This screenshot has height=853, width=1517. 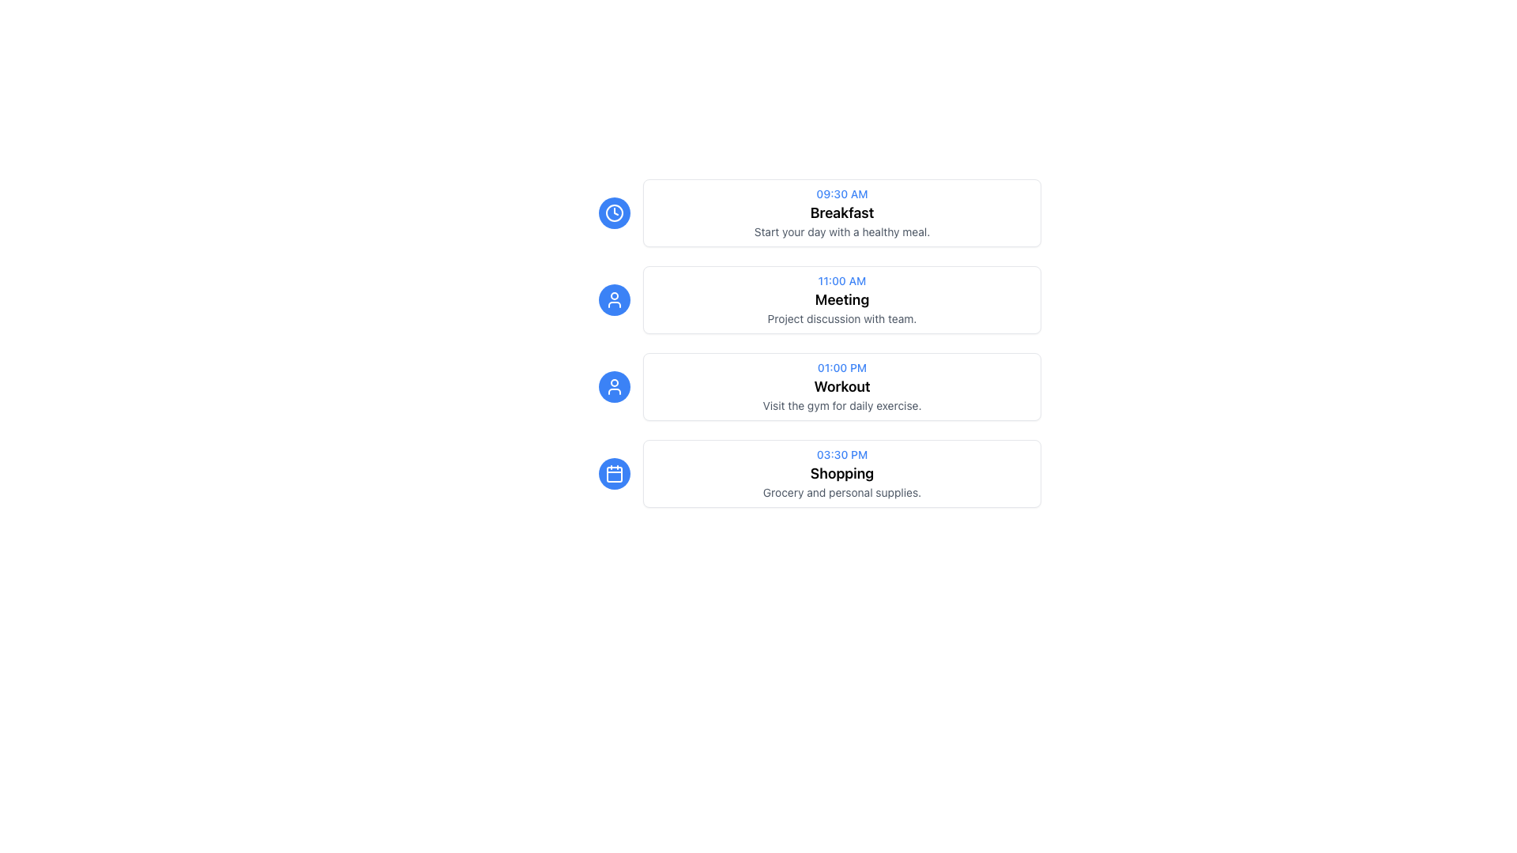 I want to click on the second item in the vertical list that indicates a meeting scheduled at 11:00 AM, so click(x=814, y=300).